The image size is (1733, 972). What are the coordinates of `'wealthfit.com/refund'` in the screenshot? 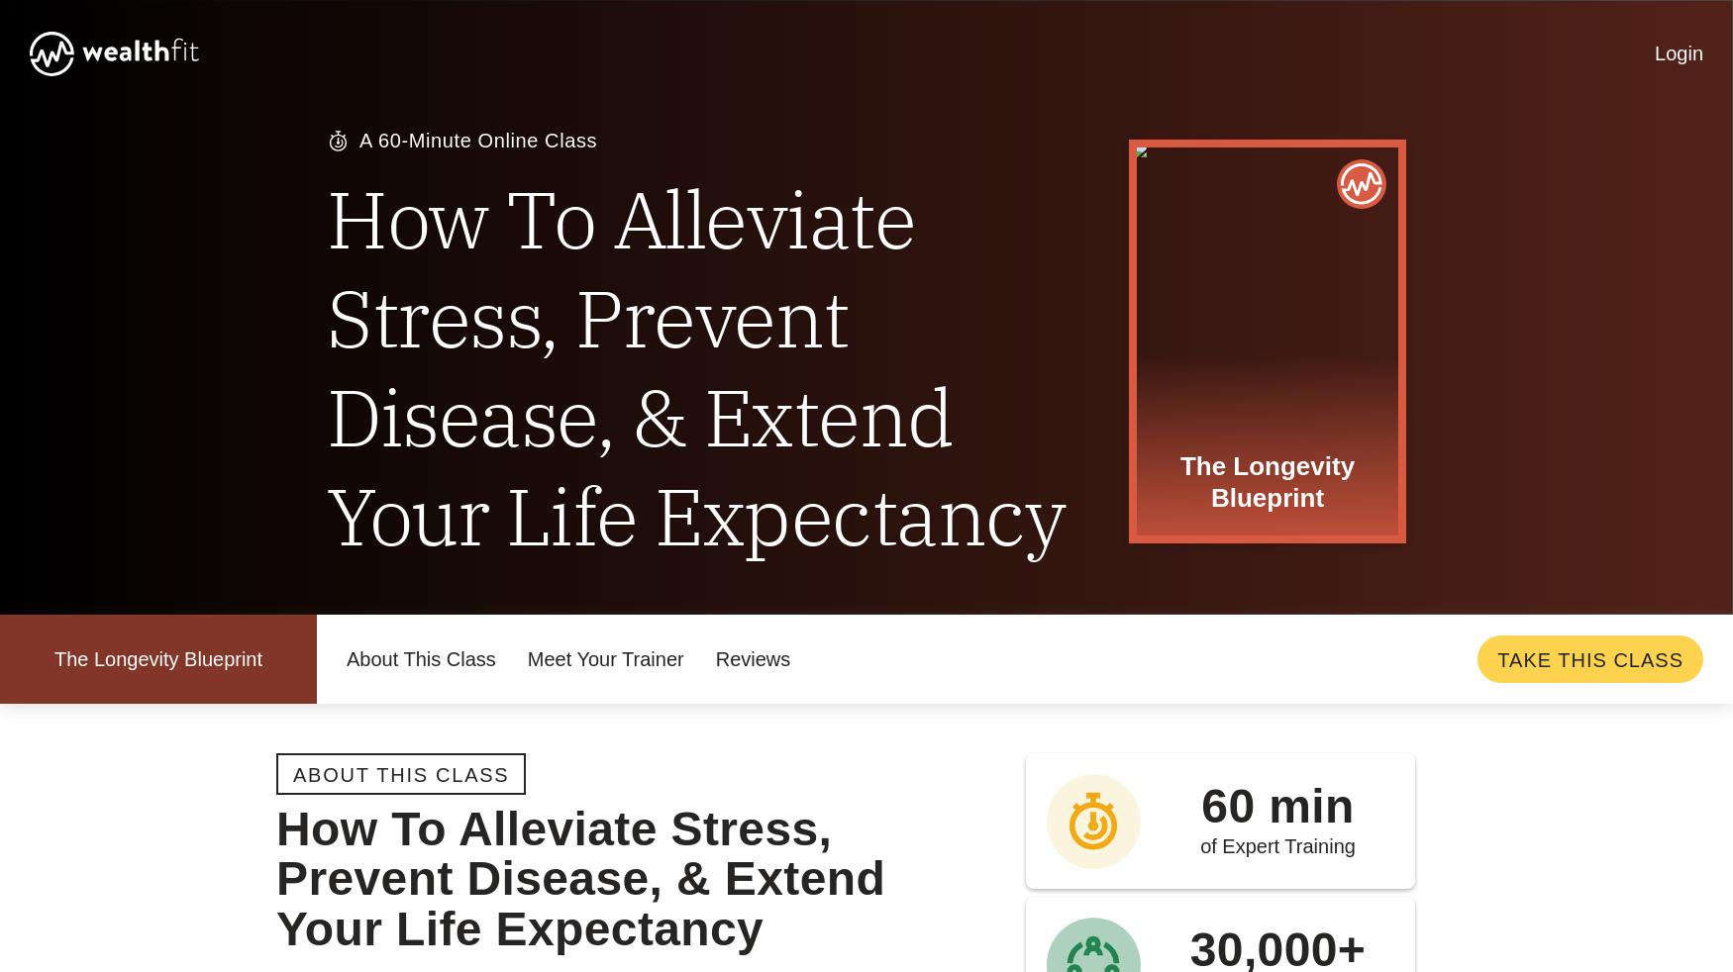 It's located at (551, 596).